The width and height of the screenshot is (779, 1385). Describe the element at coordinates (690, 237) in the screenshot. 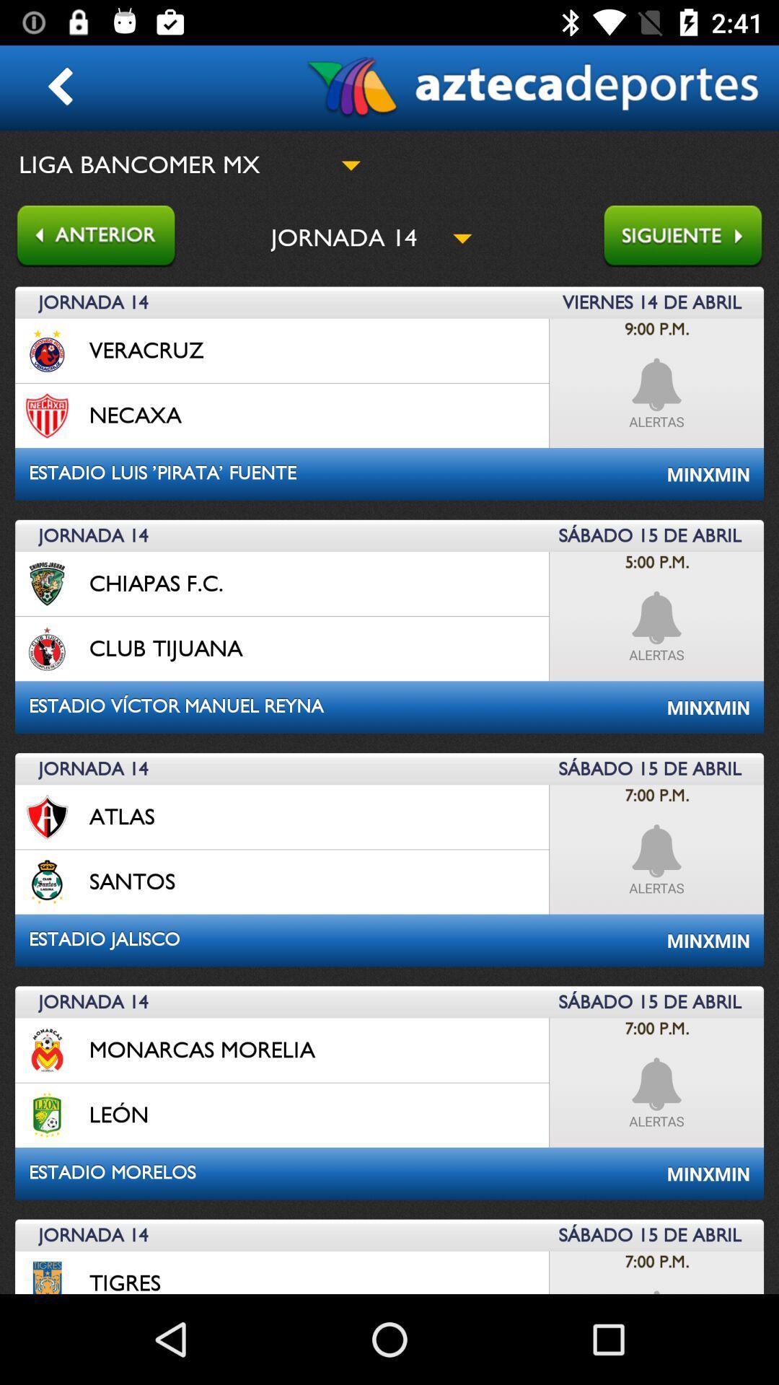

I see `go forward` at that location.